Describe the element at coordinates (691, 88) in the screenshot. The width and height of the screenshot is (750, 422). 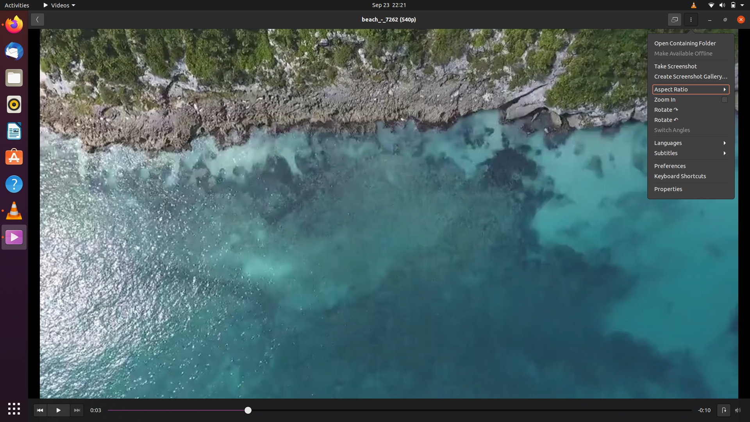
I see `Adjust the video"s aspect ratio to 16:9` at that location.